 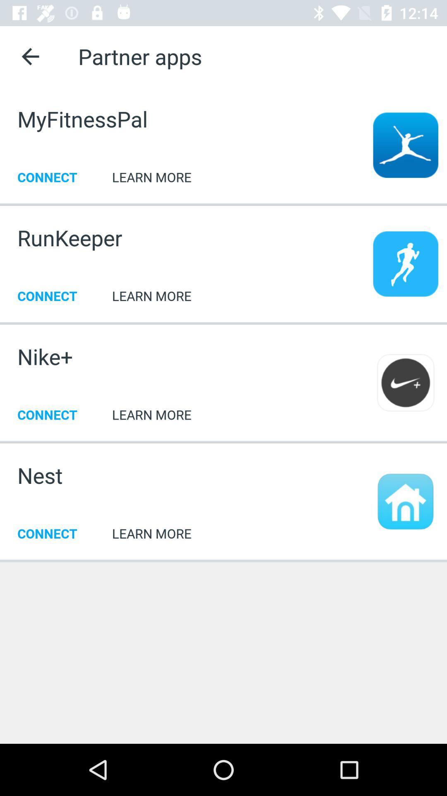 I want to click on icon to the left of the partner apps, so click(x=30, y=56).